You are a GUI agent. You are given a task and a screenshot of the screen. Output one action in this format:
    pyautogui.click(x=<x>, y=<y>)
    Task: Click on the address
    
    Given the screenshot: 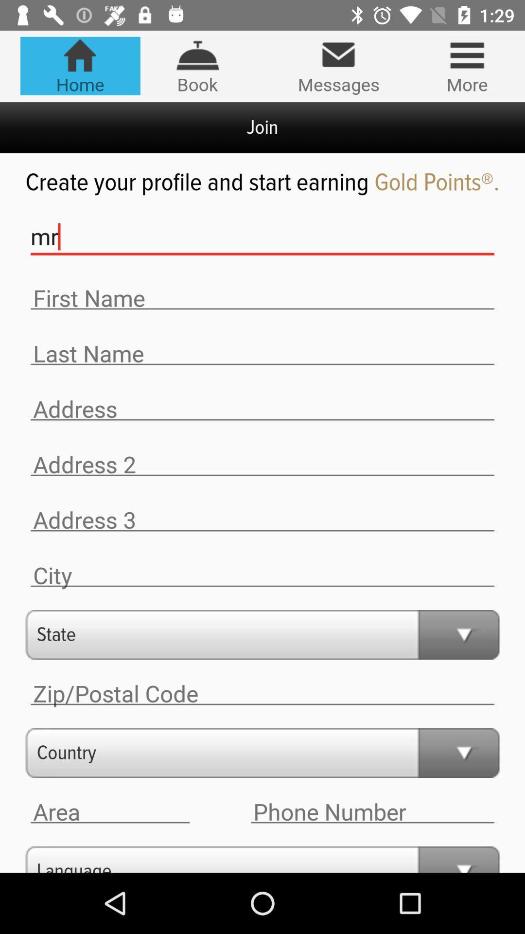 What is the action you would take?
    pyautogui.click(x=109, y=812)
    